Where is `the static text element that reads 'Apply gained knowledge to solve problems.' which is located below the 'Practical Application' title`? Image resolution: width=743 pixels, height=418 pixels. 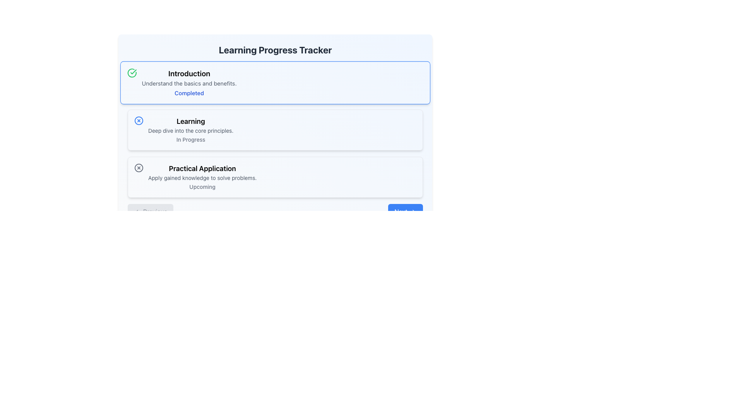 the static text element that reads 'Apply gained knowledge to solve problems.' which is located below the 'Practical Application' title is located at coordinates (202, 178).